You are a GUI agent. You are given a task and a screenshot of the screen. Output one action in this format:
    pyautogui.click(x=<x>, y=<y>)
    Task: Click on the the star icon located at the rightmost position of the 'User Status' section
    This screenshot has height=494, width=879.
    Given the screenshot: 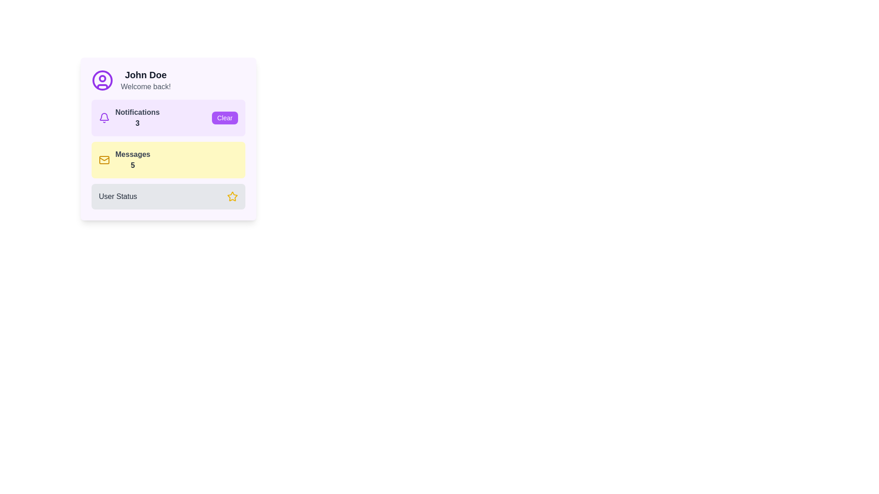 What is the action you would take?
    pyautogui.click(x=233, y=196)
    